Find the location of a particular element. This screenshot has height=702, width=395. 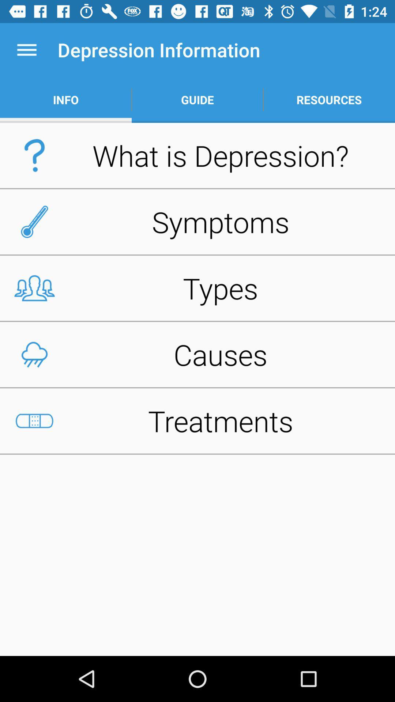

the resources app is located at coordinates (328, 99).